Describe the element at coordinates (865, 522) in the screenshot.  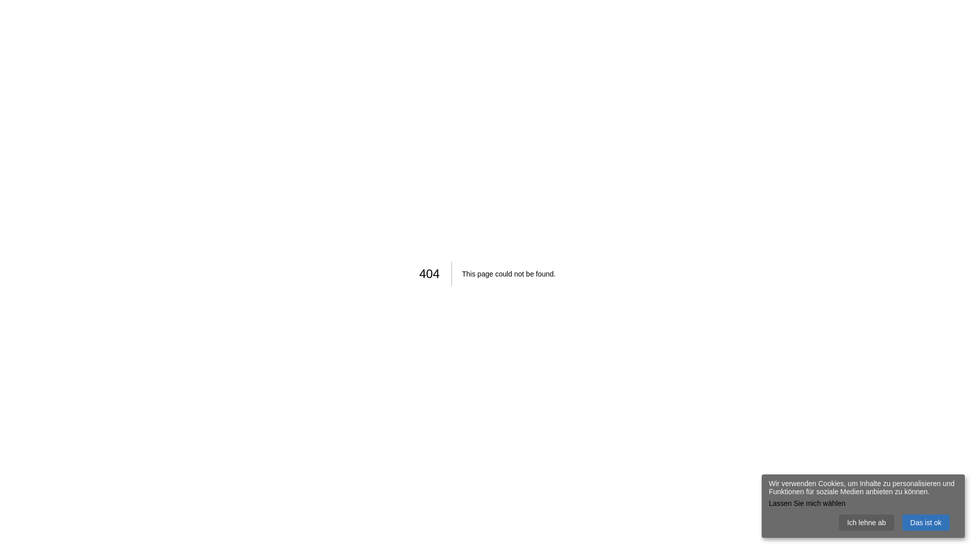
I see `'Ich lehne ab'` at that location.